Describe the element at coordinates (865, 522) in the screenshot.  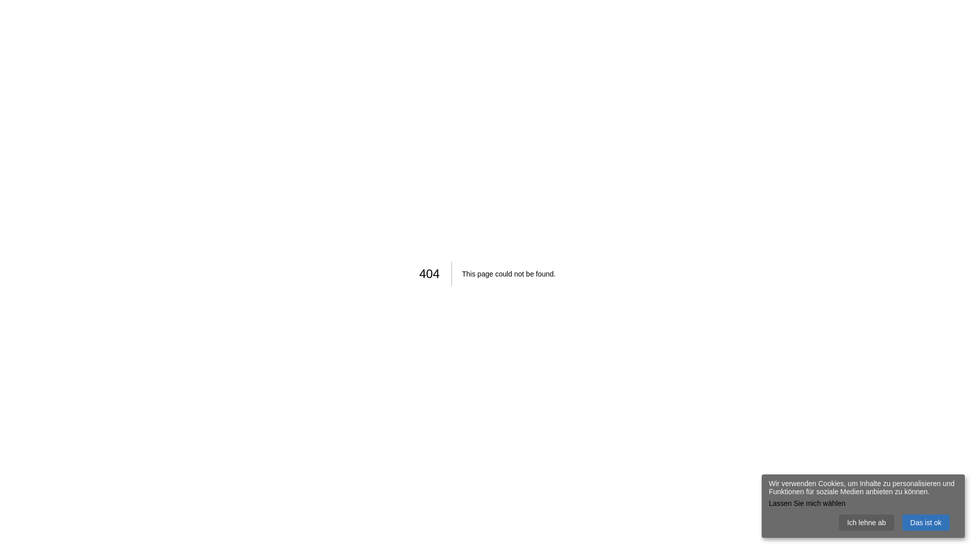
I see `'Ich lehne ab'` at that location.